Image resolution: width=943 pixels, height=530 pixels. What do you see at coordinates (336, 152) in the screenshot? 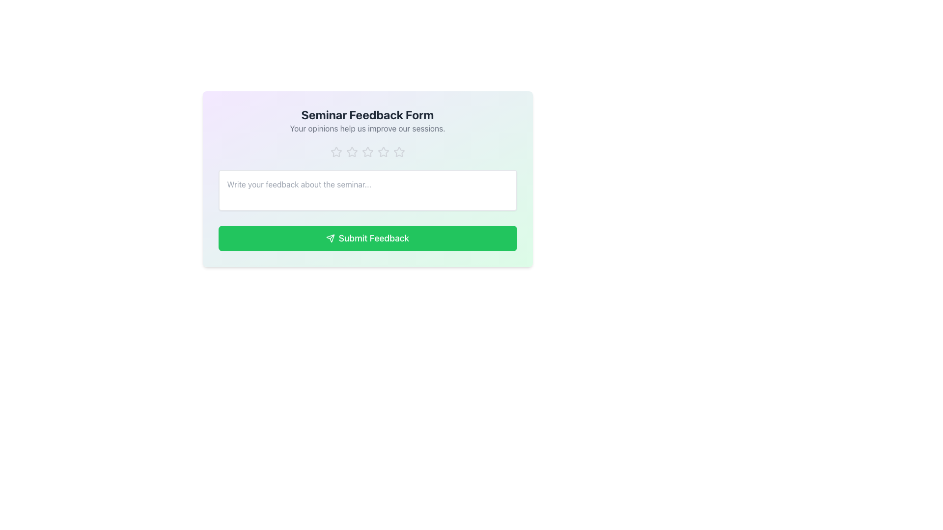
I see `the first star-shaped icon button under the label 'Seminar Feedback Form'` at bounding box center [336, 152].